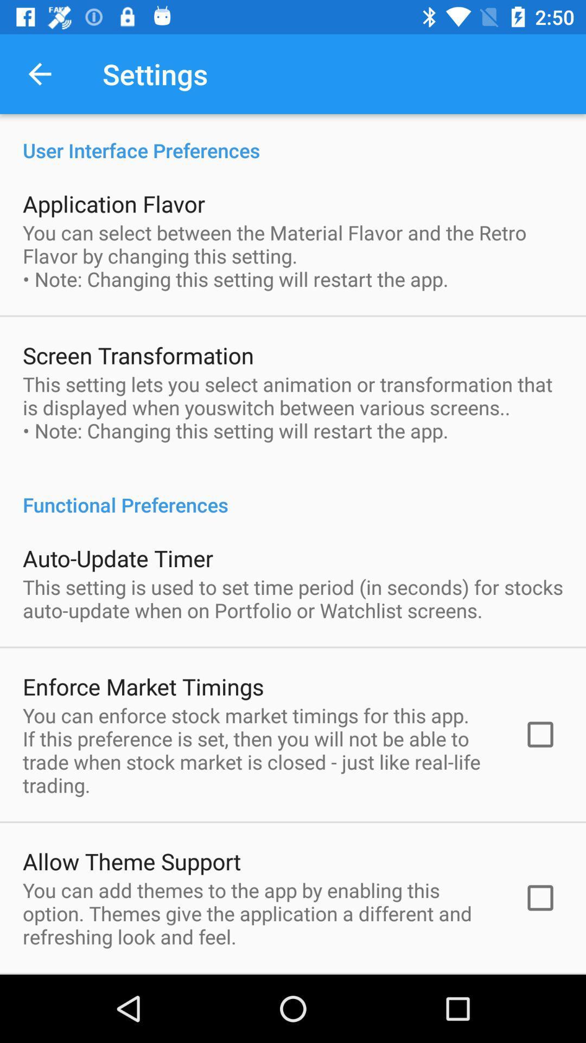 The image size is (586, 1043). Describe the element at coordinates (293, 493) in the screenshot. I see `icon below the this setting lets icon` at that location.